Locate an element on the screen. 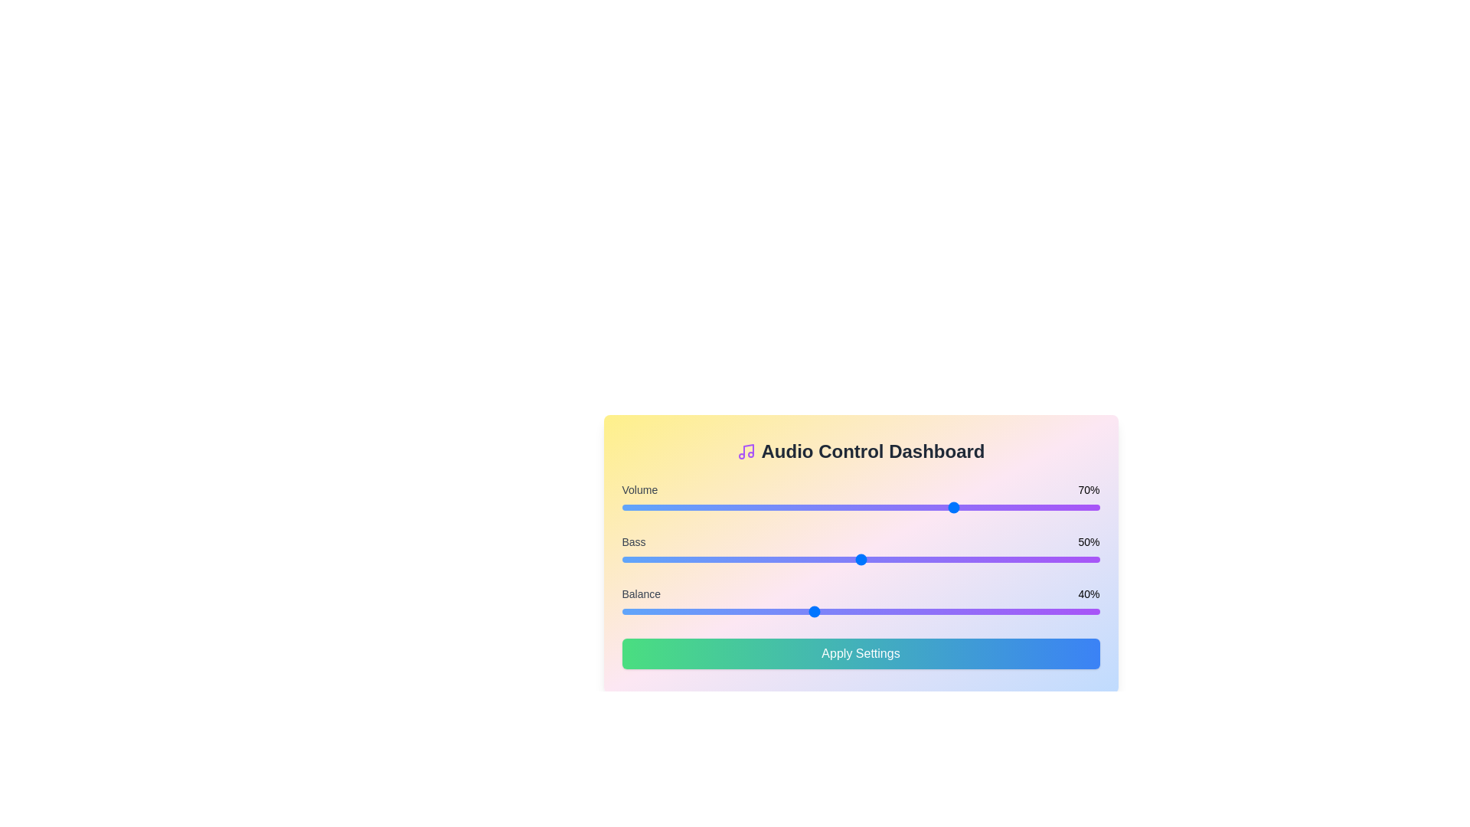  bass level is located at coordinates (822, 560).